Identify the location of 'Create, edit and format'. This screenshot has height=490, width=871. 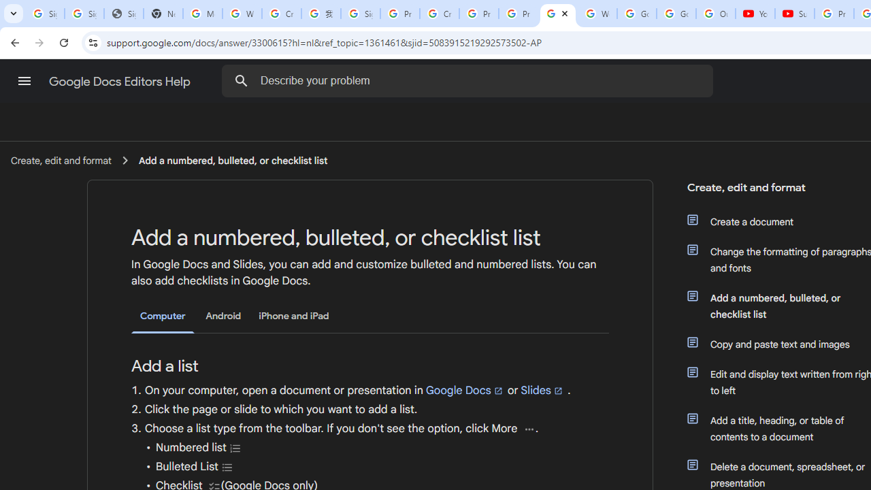
(60, 159).